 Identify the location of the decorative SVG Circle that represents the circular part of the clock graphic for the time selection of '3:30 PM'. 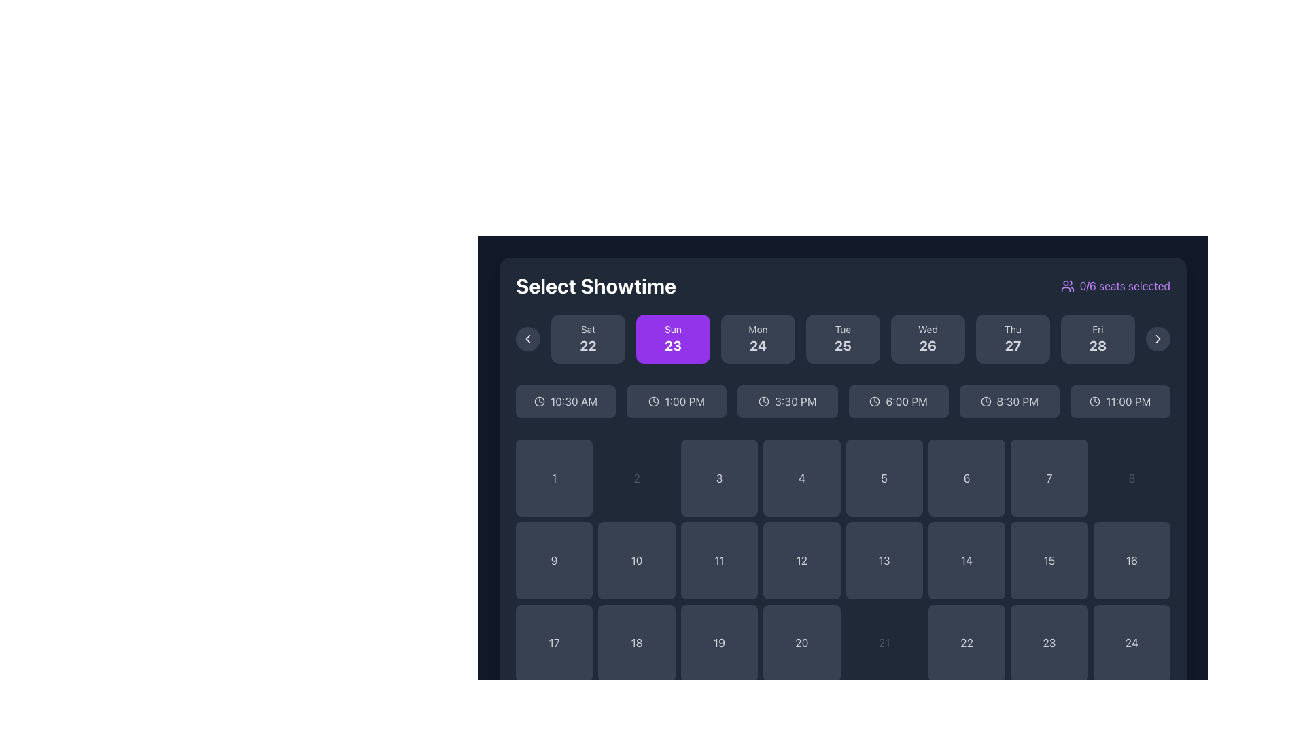
(764, 400).